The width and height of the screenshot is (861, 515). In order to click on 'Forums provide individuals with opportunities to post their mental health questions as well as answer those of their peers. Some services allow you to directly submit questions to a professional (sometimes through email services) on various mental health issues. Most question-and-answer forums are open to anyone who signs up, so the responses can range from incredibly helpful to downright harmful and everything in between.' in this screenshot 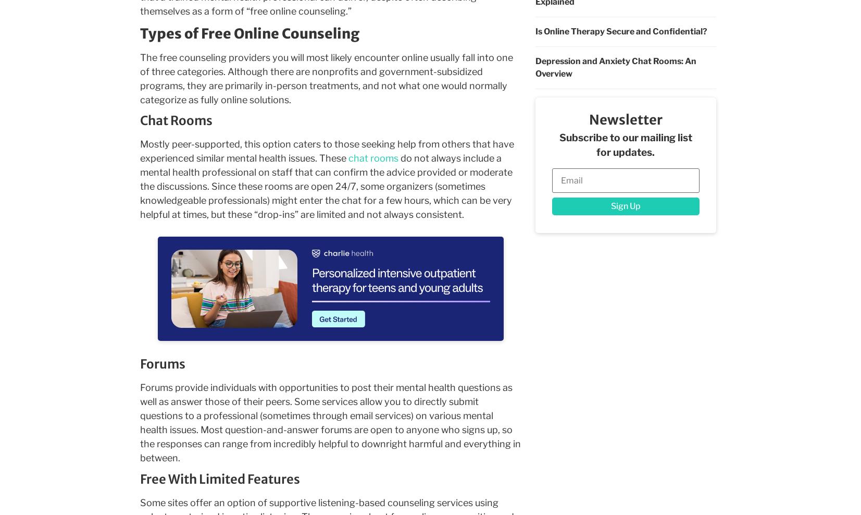, I will do `click(329, 423)`.